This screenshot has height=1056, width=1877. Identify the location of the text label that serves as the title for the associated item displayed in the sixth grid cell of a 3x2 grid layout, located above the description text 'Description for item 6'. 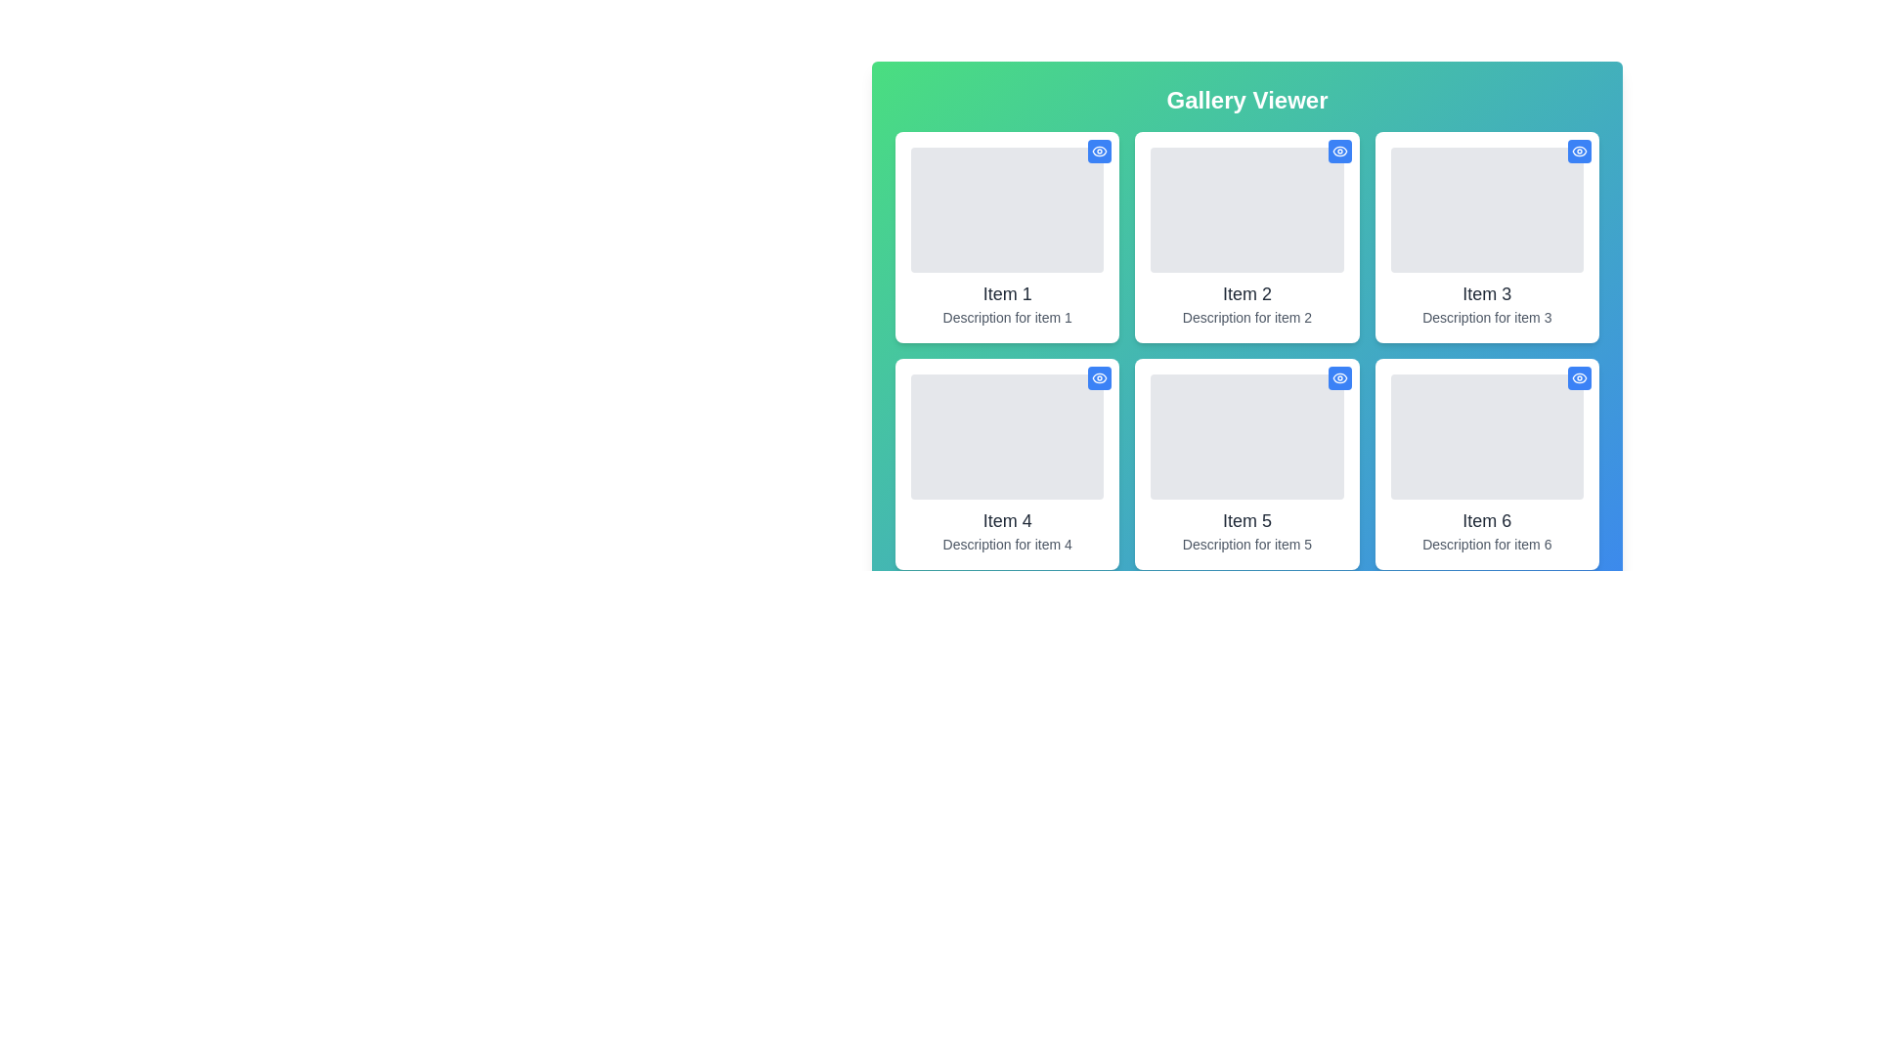
(1486, 519).